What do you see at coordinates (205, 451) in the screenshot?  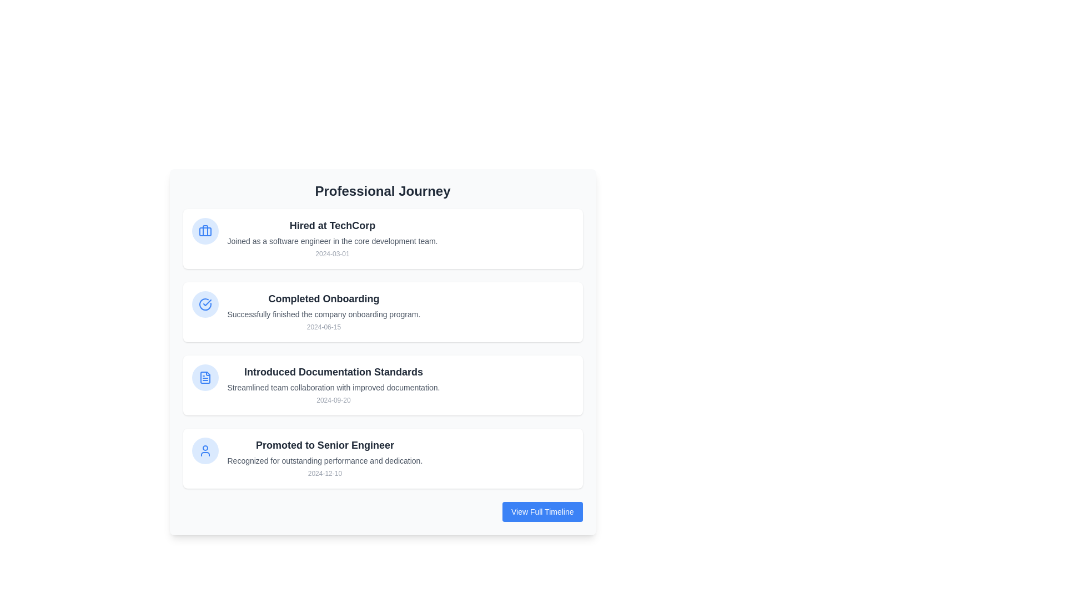 I see `the circular icon with a light blue background and a user silhouette in darker blue located at the top-left corner of the promotion card for Senior Engineer` at bounding box center [205, 451].